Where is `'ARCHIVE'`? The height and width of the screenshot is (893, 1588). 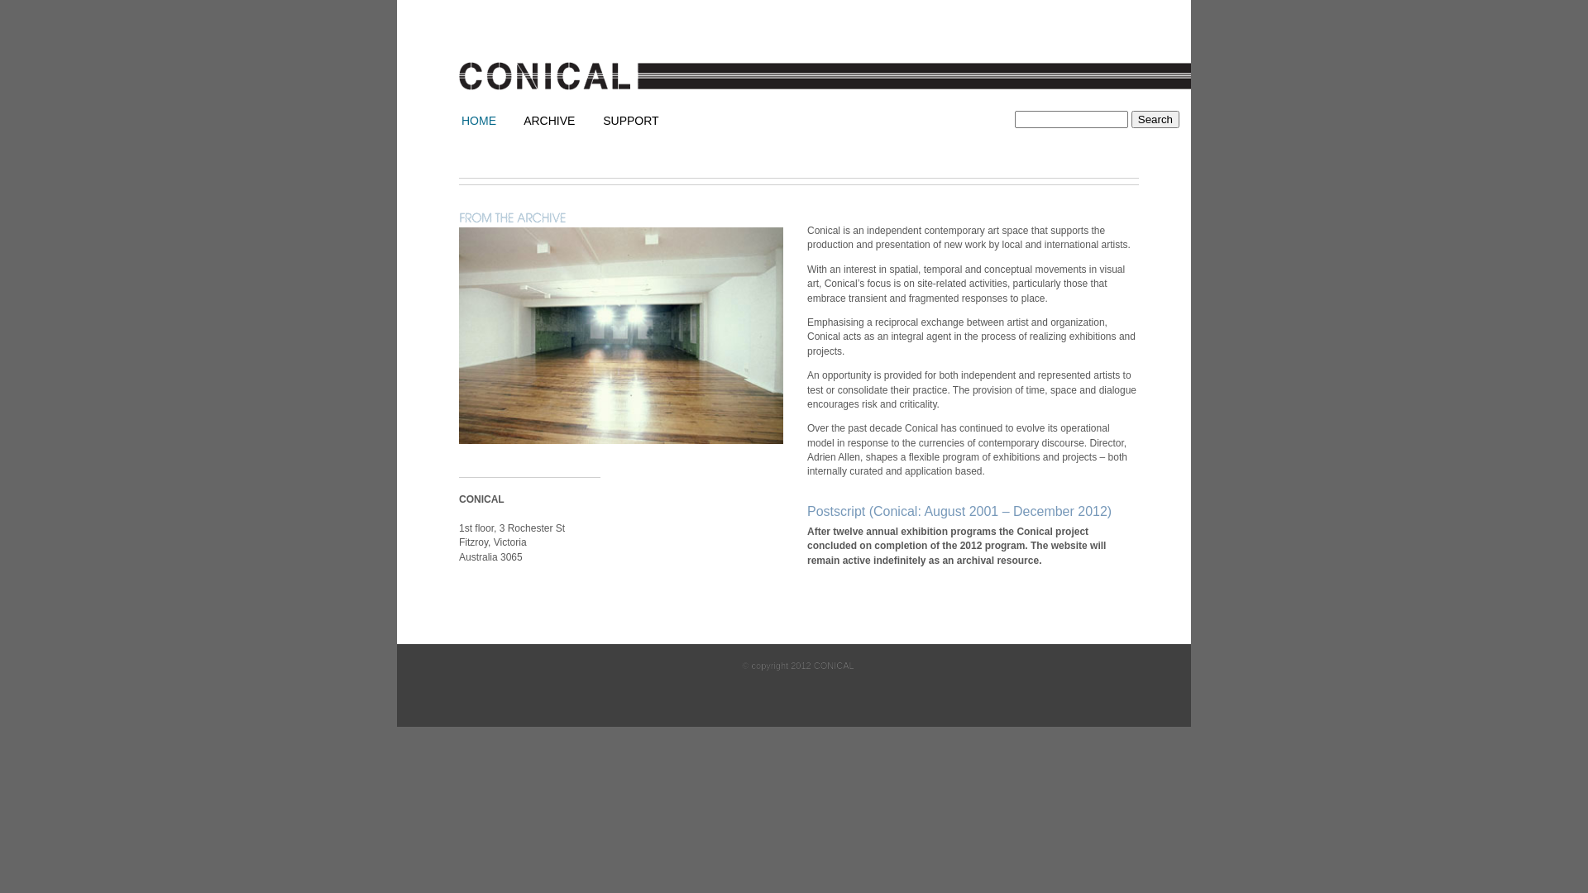 'ARCHIVE' is located at coordinates (523, 120).